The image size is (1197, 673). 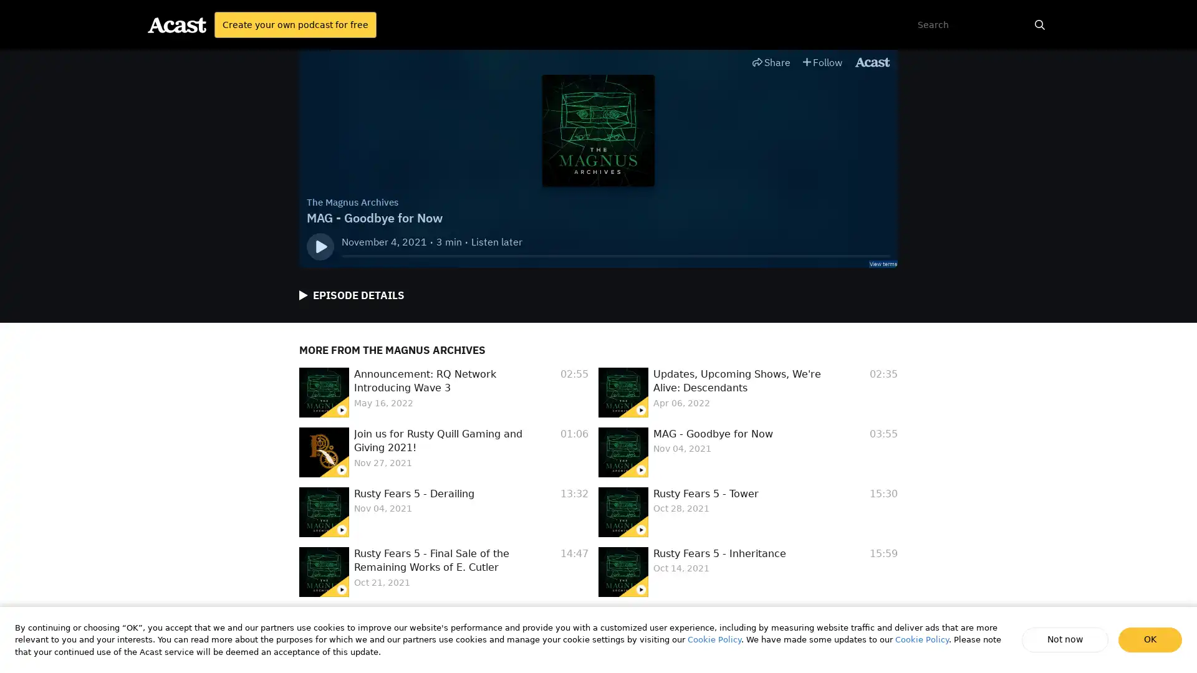 I want to click on Not now, so click(x=1066, y=639).